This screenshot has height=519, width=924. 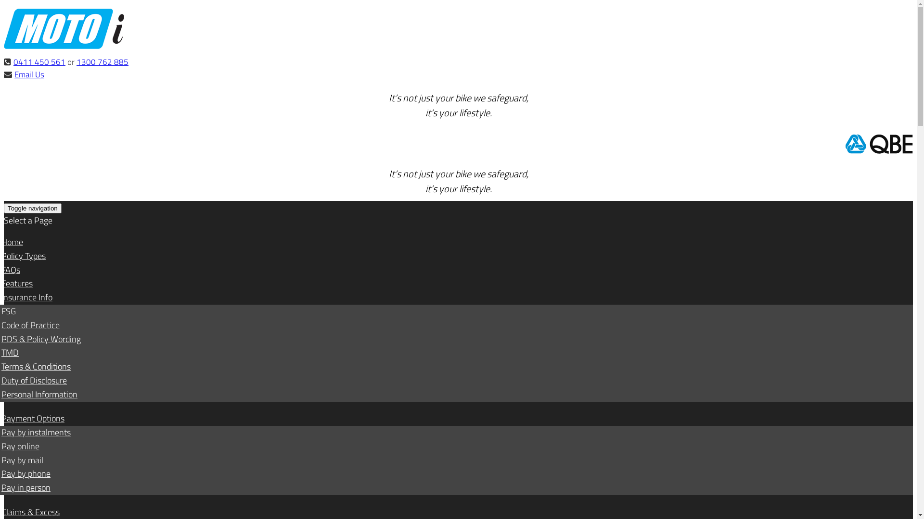 I want to click on 'Toggle navigation', so click(x=32, y=208).